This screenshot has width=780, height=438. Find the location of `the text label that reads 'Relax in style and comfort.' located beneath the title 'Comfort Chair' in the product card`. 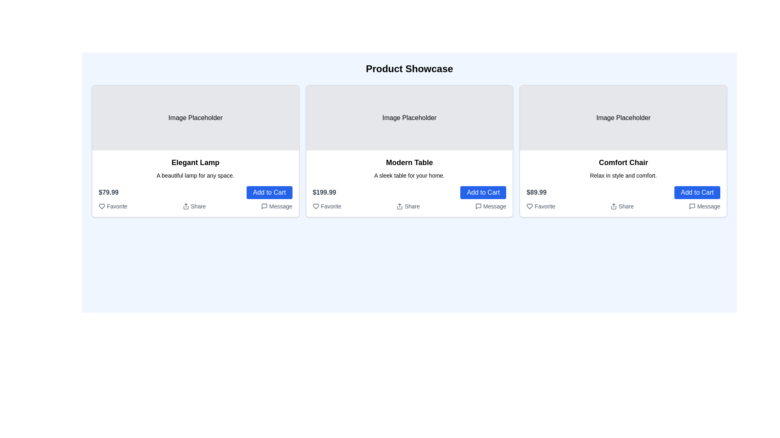

the text label that reads 'Relax in style and comfort.' located beneath the title 'Comfort Chair' in the product card is located at coordinates (623, 175).